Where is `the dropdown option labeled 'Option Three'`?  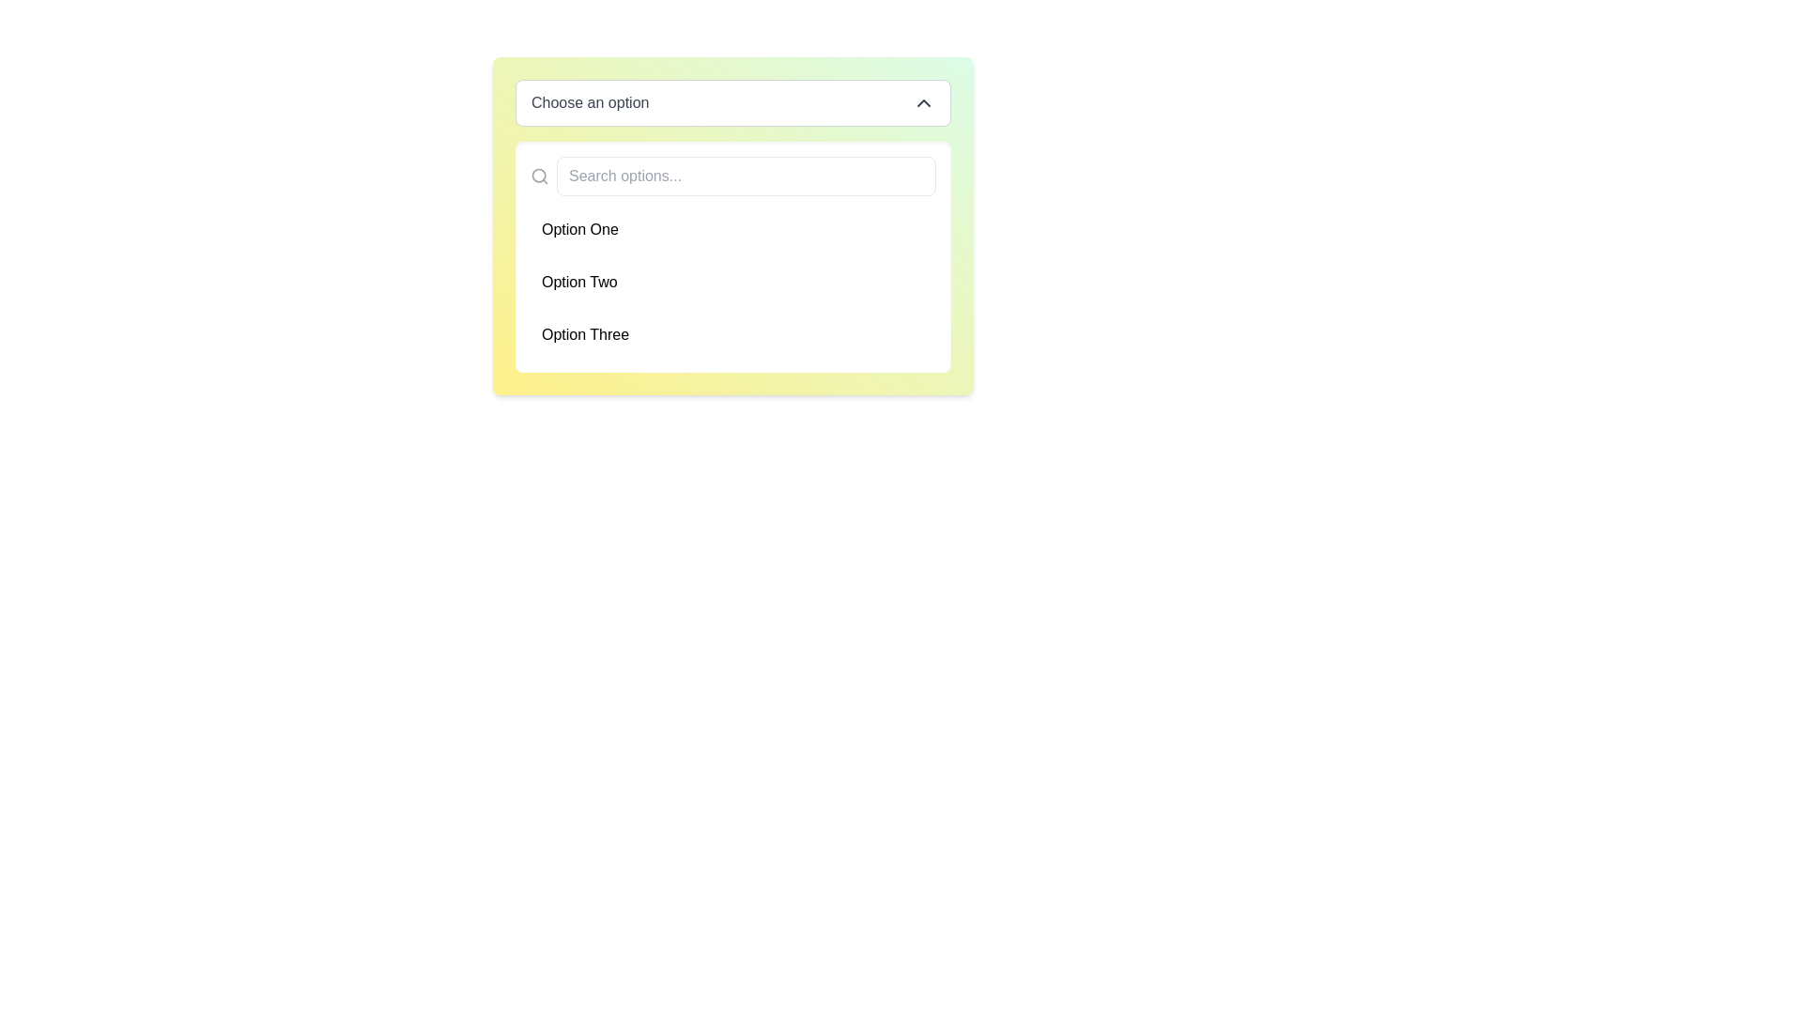 the dropdown option labeled 'Option Three' is located at coordinates (732, 334).